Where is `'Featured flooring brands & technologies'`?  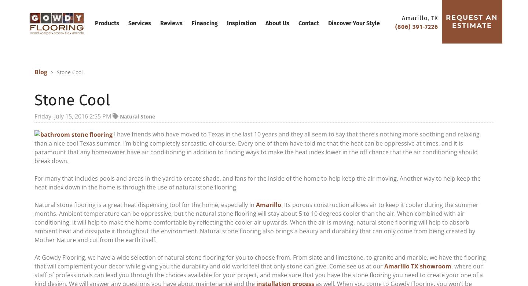 'Featured flooring brands & technologies' is located at coordinates (264, 220).